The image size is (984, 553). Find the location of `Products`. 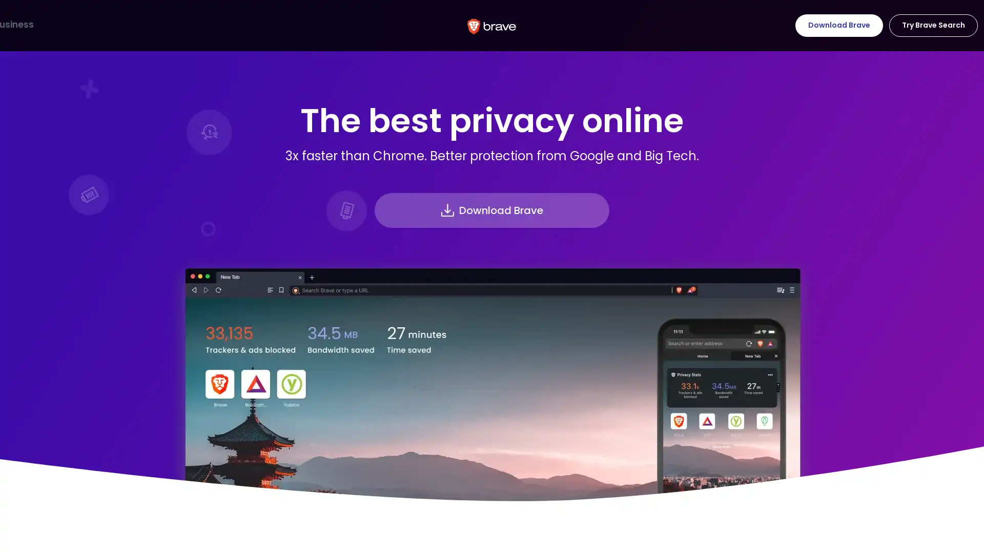

Products is located at coordinates (82, 25).